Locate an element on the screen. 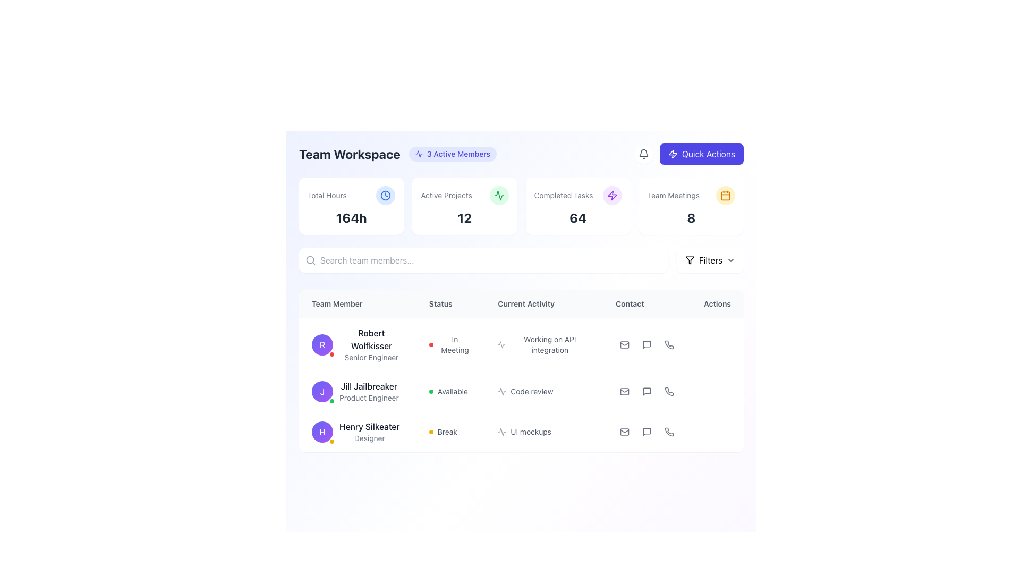 This screenshot has width=1020, height=574. the visual status of the small, circular yellow badge with a white border located at the bottom-right corner of the avatar representing 'Henry Silkeater' in the 'Team Member' column, specifically in the third row is located at coordinates (331, 441).